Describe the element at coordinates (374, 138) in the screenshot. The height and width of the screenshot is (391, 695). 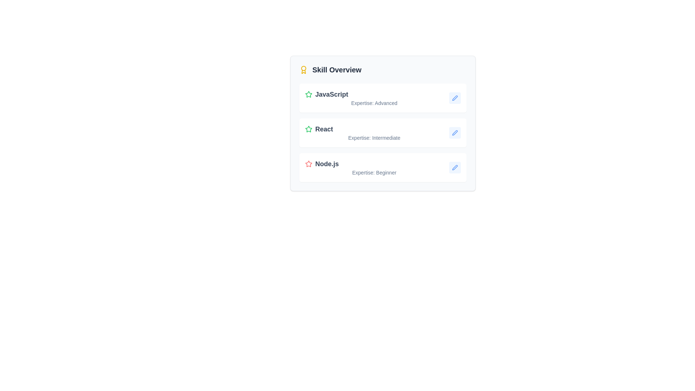
I see `the informational text label that indicates the expertise level associated with the 'React' skill, located beneath the 'React' title in the second skill block of the skill overview card` at that location.